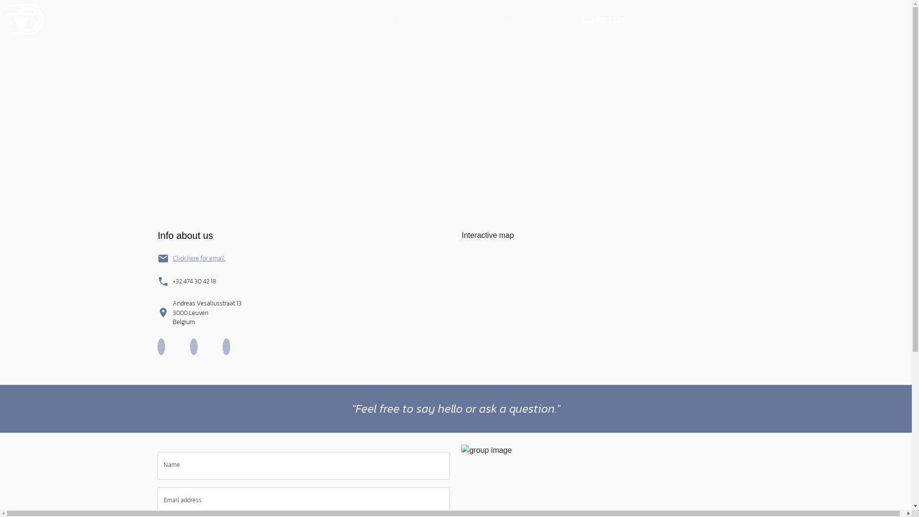 This screenshot has height=517, width=919. What do you see at coordinates (503, 19) in the screenshot?
I see `'Join Us'` at bounding box center [503, 19].